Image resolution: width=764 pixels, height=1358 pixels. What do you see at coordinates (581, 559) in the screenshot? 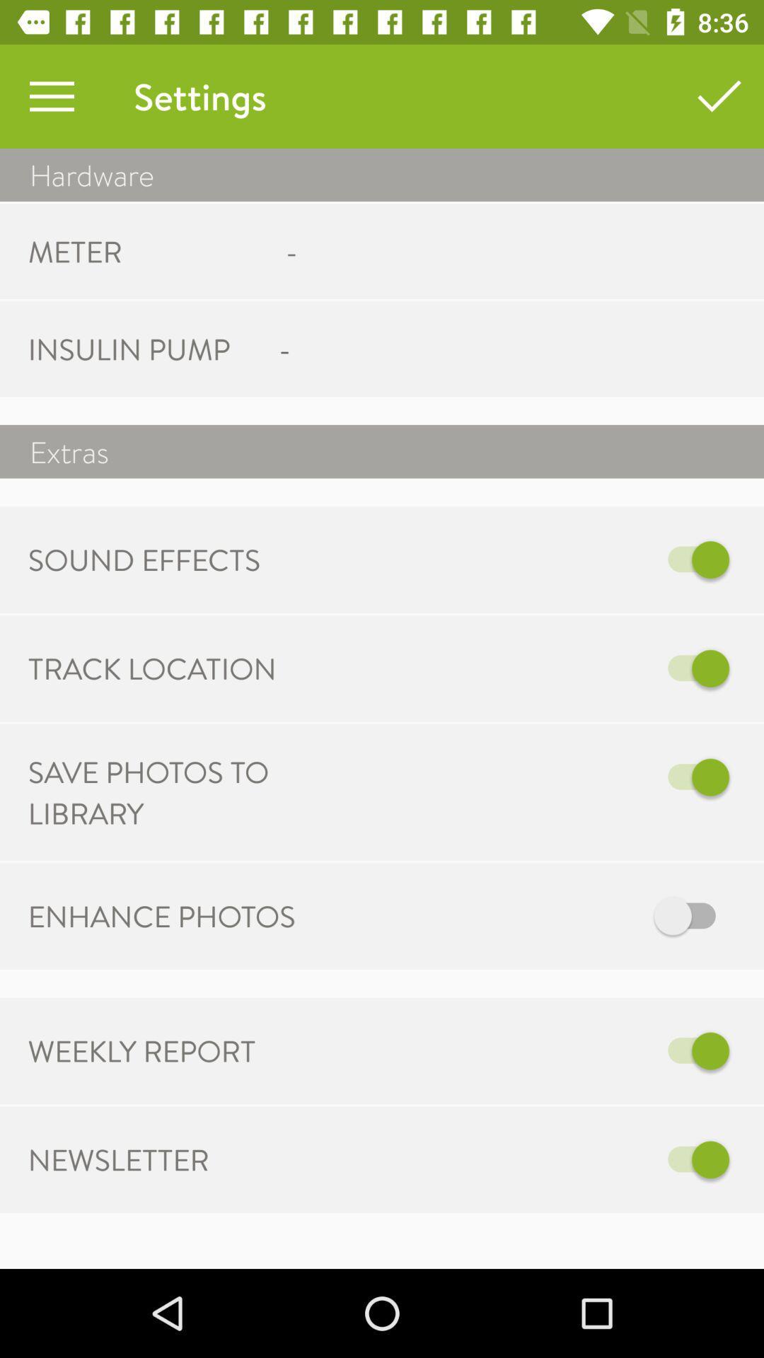
I see `sound effects setting` at bounding box center [581, 559].